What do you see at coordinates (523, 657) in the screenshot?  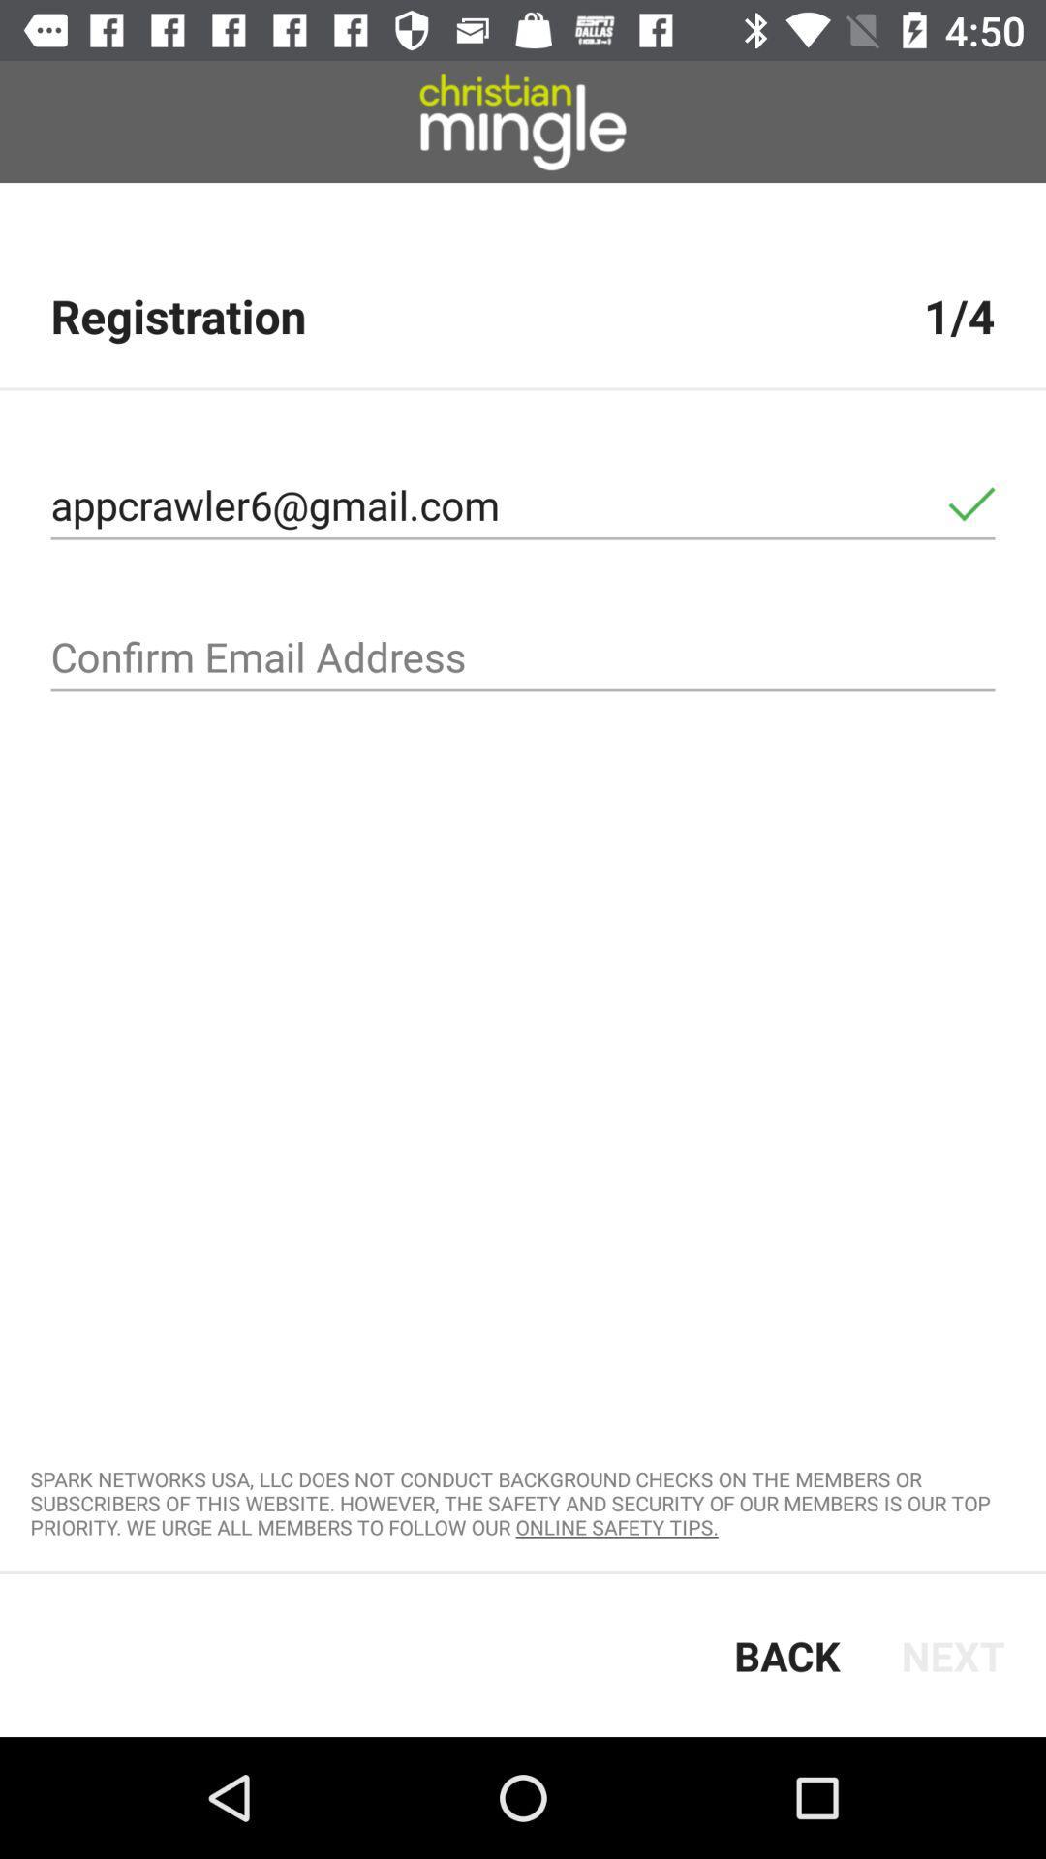 I see `re-enter address` at bounding box center [523, 657].